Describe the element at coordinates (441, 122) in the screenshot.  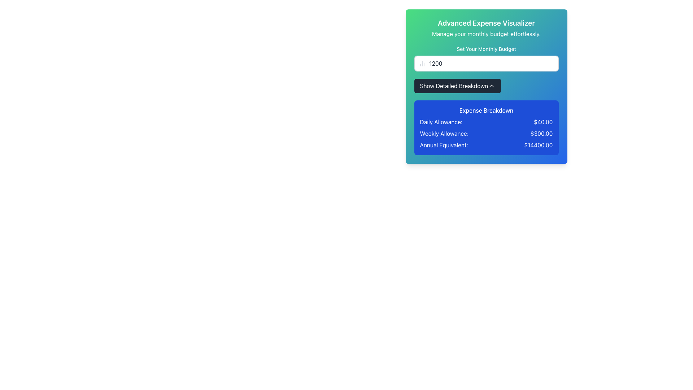
I see `the first text label in the 'Expense Breakdown' section, which indicates the type of expense` at that location.